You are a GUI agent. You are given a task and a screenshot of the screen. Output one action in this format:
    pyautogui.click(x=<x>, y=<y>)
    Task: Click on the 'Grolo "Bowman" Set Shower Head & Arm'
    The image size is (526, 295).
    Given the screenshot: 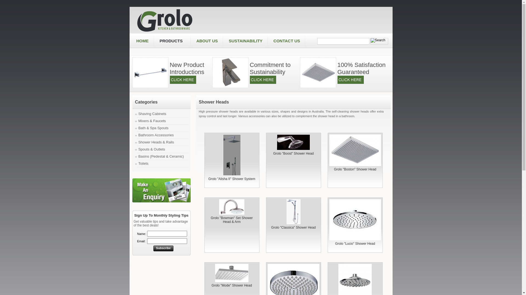 What is the action you would take?
    pyautogui.click(x=231, y=220)
    